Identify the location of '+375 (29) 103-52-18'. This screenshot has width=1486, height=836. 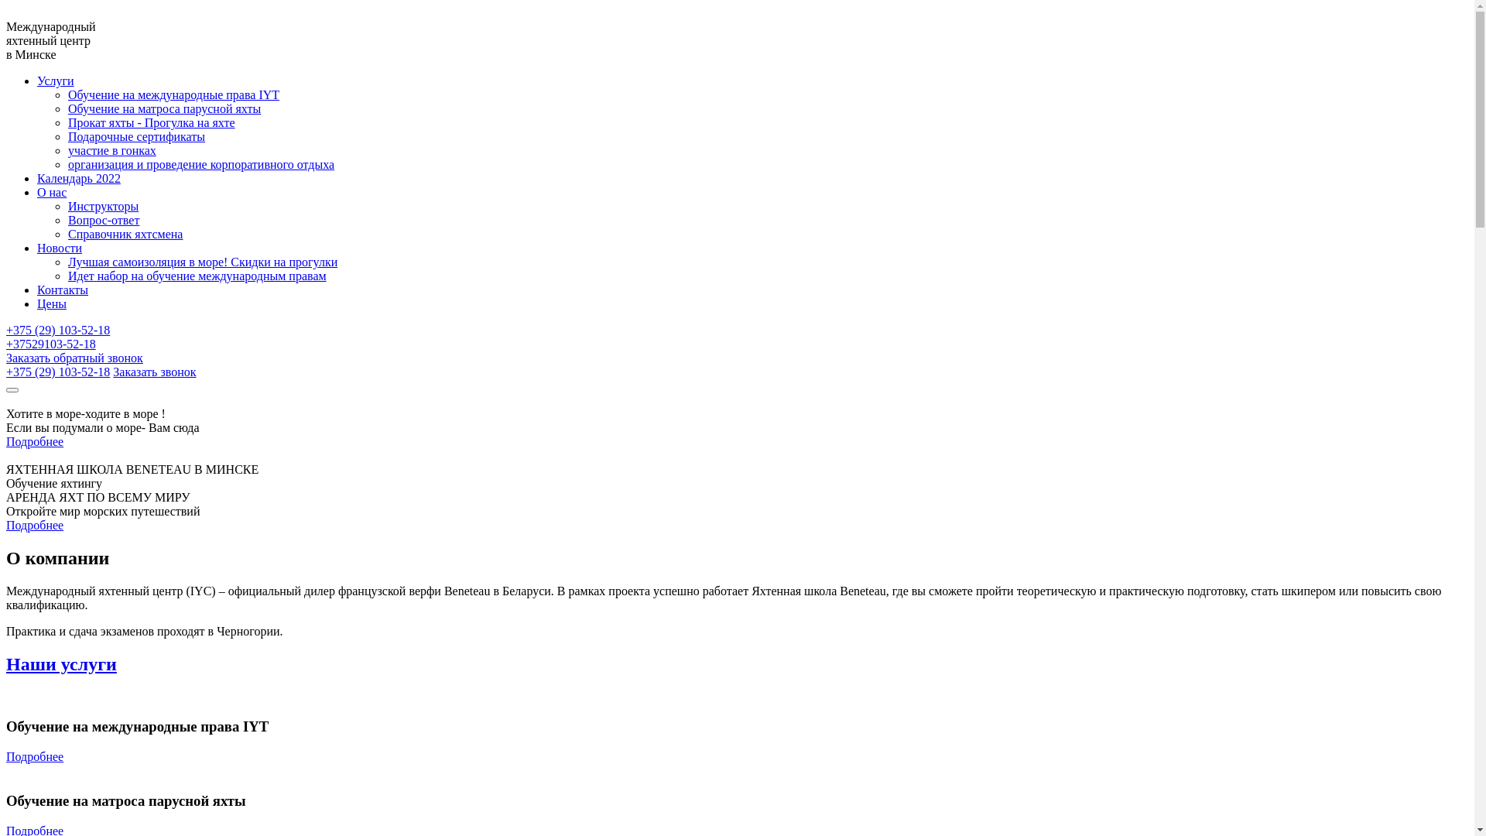
(6, 372).